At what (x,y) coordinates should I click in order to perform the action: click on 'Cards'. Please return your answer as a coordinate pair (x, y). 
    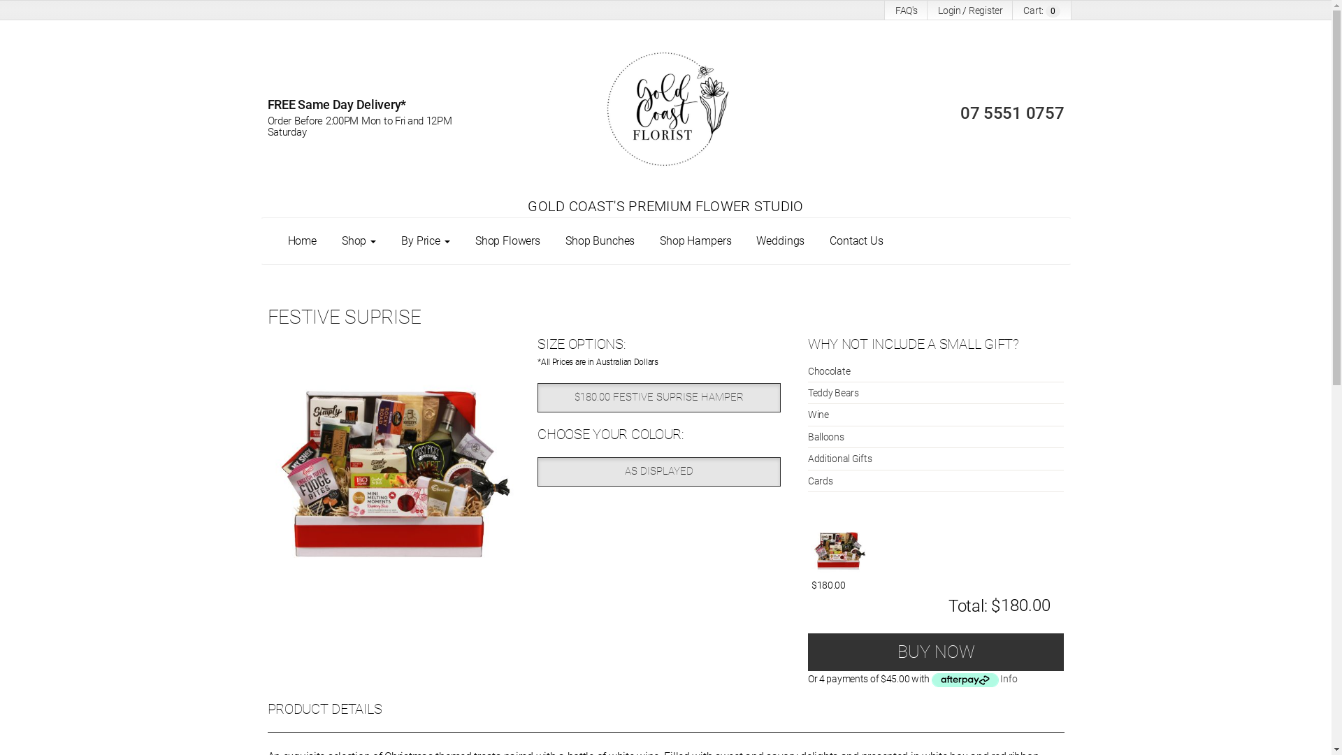
    Looking at the image, I should click on (936, 480).